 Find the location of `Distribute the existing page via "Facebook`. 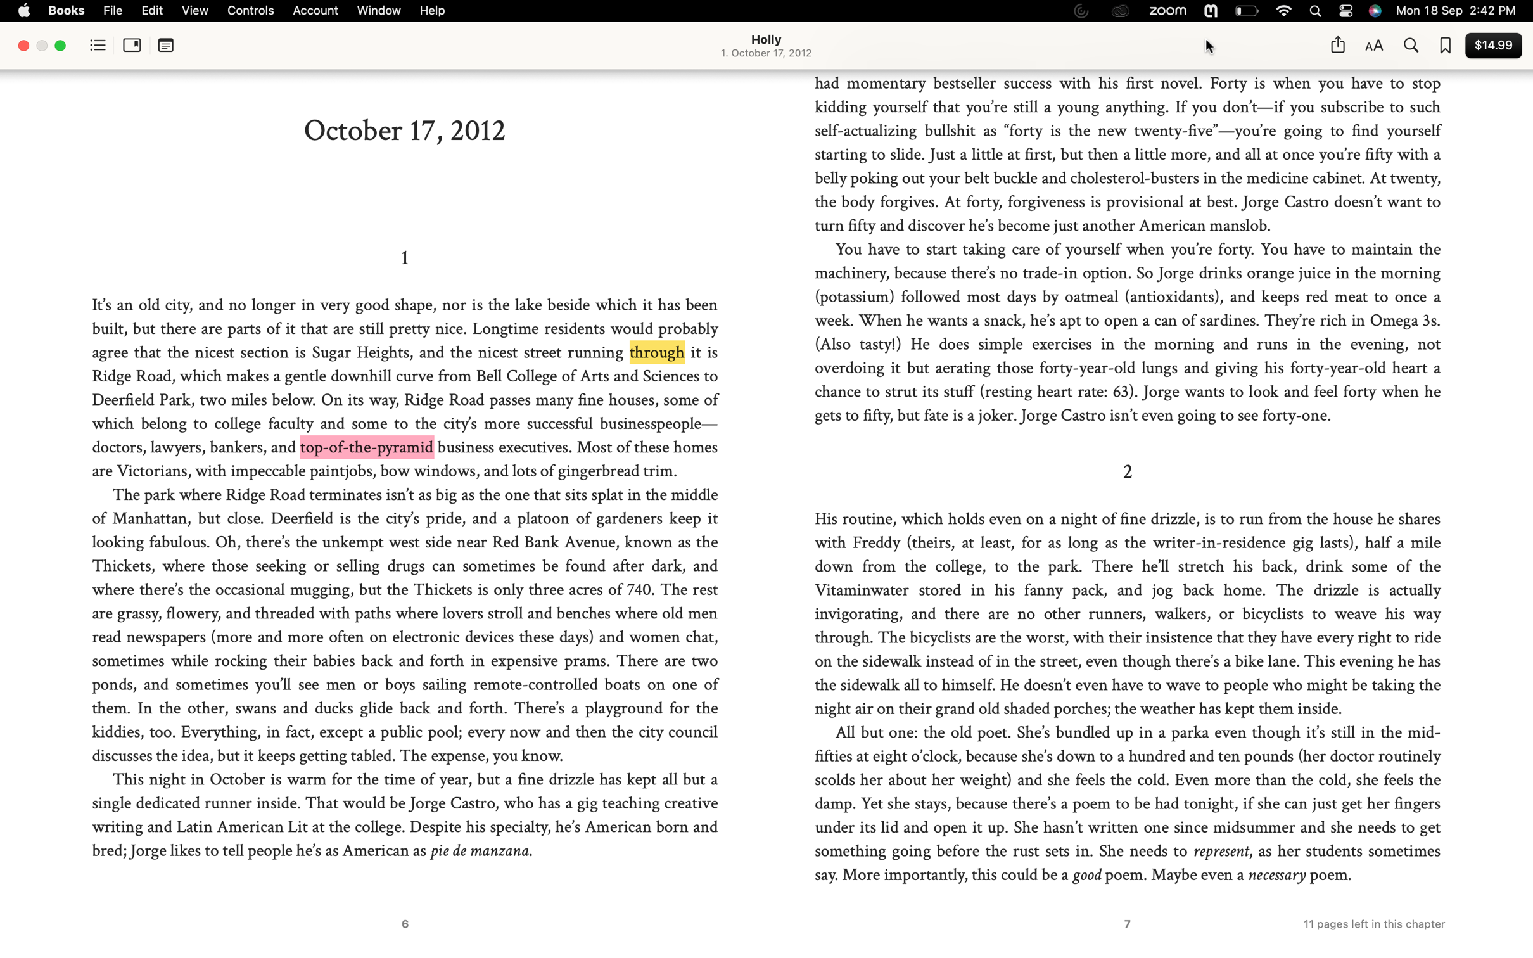

Distribute the existing page via "Facebook is located at coordinates (1337, 44).